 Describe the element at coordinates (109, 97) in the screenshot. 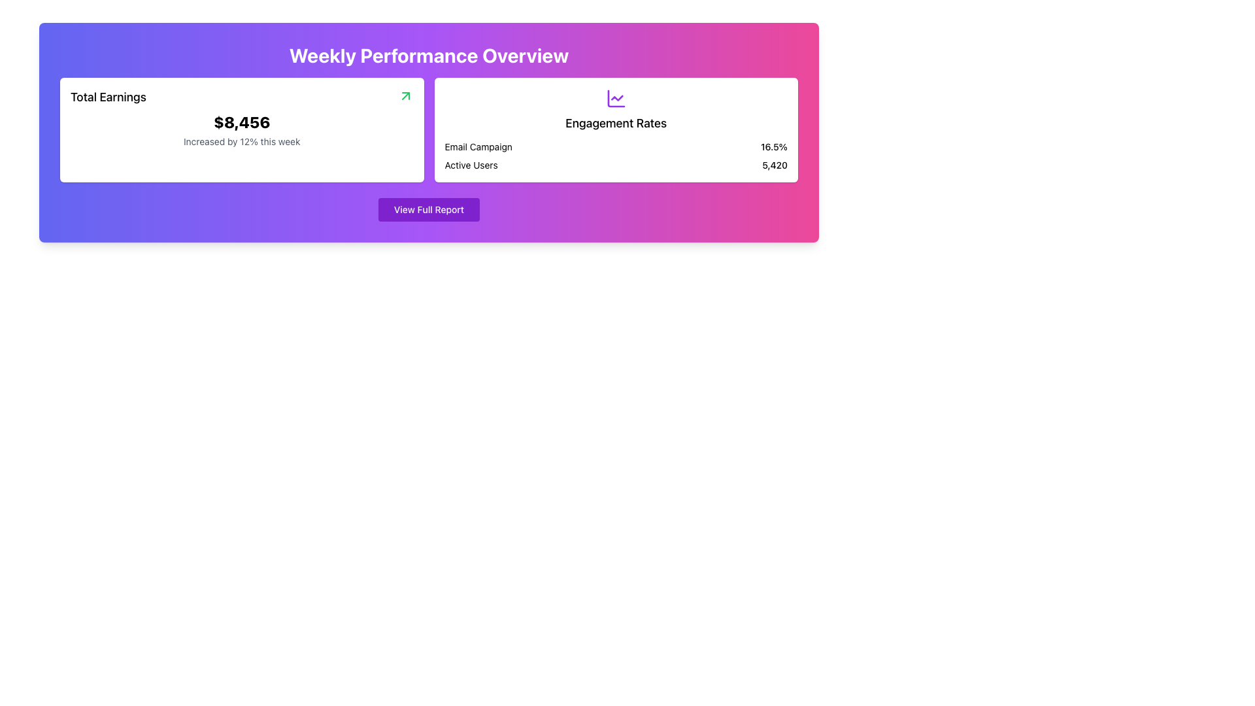

I see `the 'Total Earnings' label, which is a bold text label located at the top-left corner of a white rectangular card` at that location.